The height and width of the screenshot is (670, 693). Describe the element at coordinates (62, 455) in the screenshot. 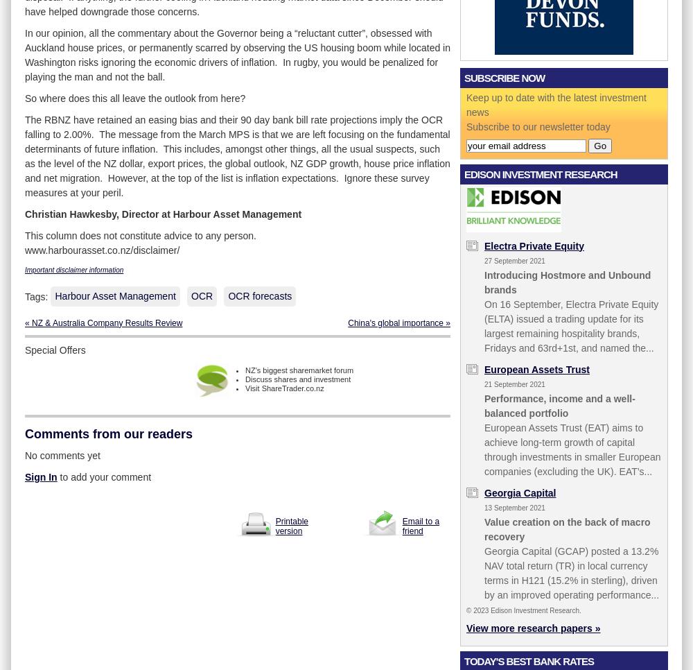

I see `'No comments yet'` at that location.